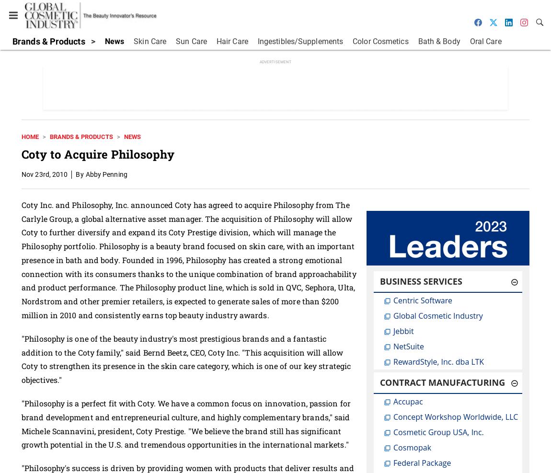 Image resolution: width=551 pixels, height=473 pixels. Describe the element at coordinates (97, 153) in the screenshot. I see `'Coty to Acquire Philosophy'` at that location.